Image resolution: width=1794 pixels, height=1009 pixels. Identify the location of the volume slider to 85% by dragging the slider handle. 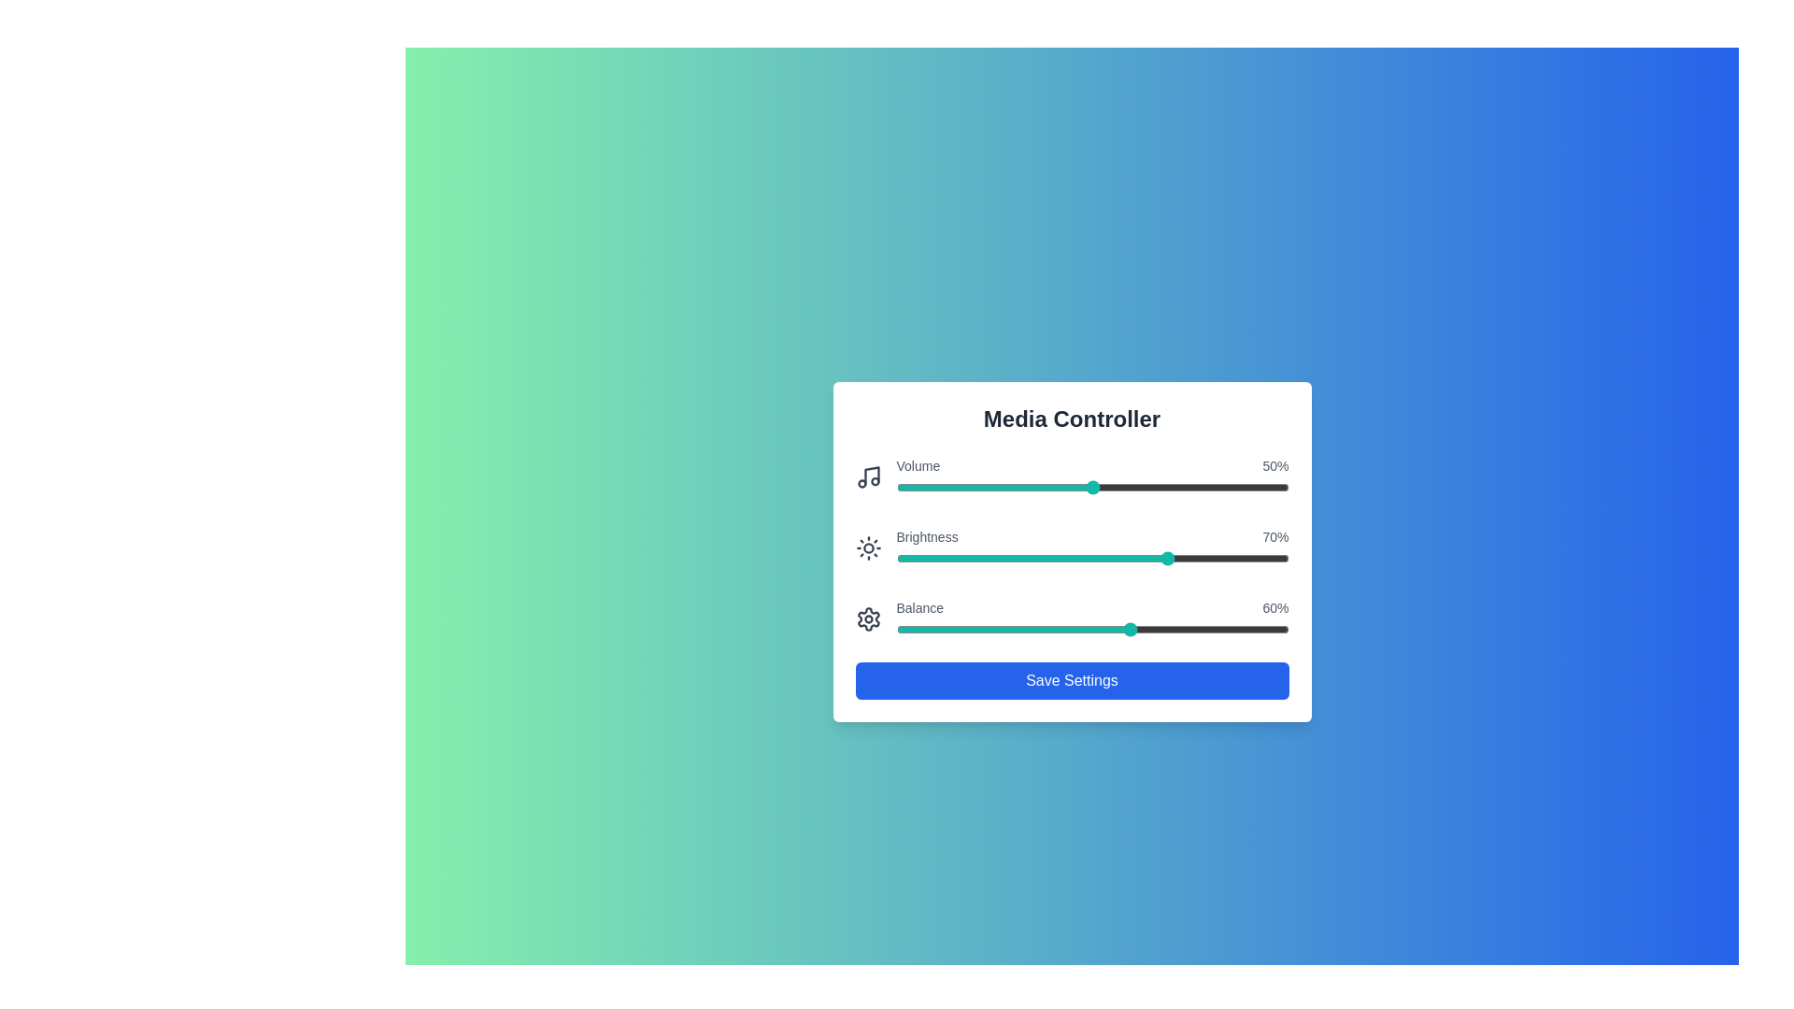
(1230, 486).